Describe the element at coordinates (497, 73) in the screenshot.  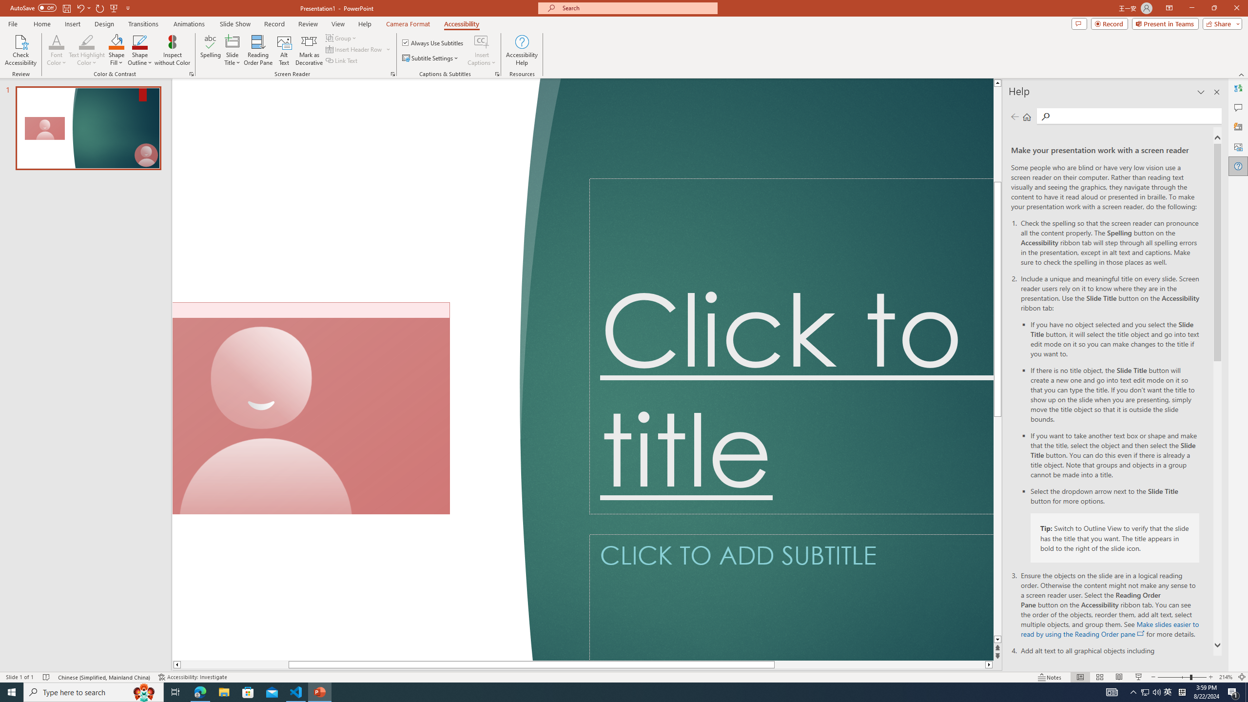
I see `'Captions & Subtitles'` at that location.